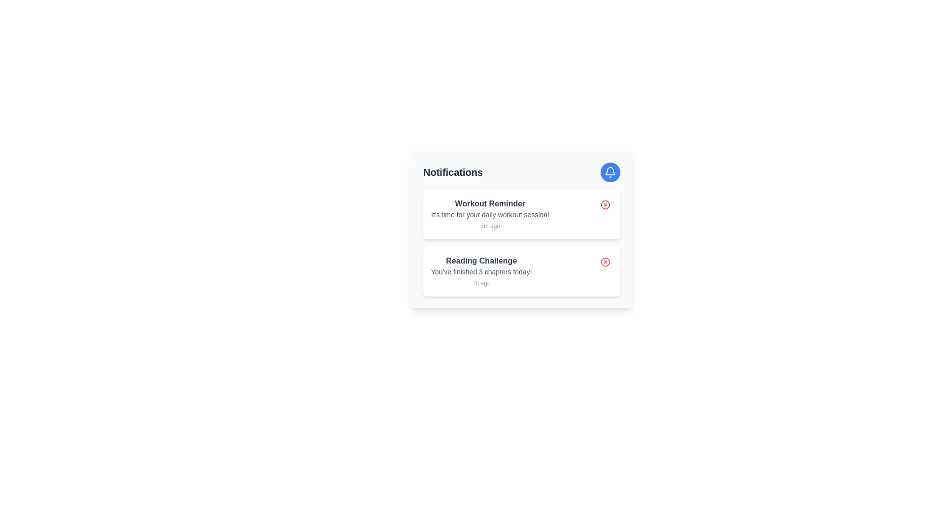  I want to click on timestamp displayed in the bottom-right corner of the 'Reading Challenge' notification card, which indicates the time elapsed since the completion of the associated activity, so click(481, 283).